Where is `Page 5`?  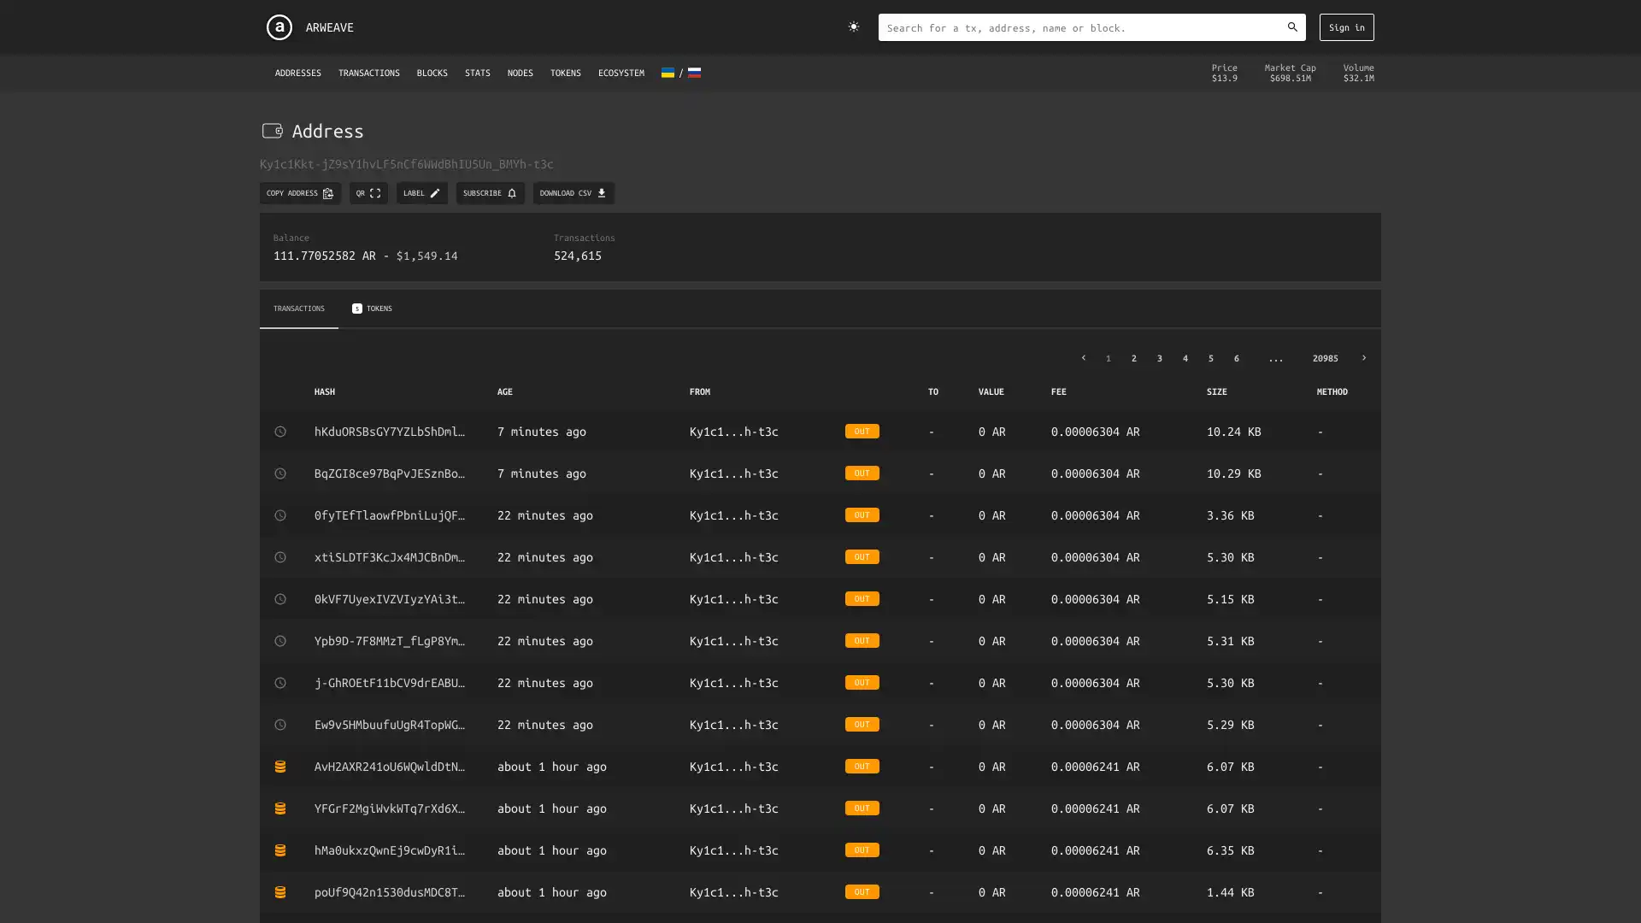
Page 5 is located at coordinates (1209, 356).